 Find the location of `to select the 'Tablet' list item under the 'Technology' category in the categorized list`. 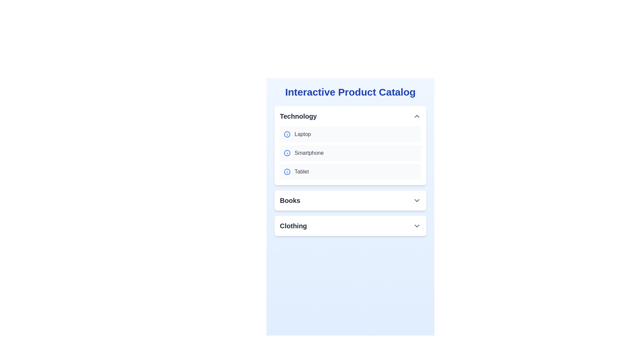

to select the 'Tablet' list item under the 'Technology' category in the categorized list is located at coordinates (350, 171).